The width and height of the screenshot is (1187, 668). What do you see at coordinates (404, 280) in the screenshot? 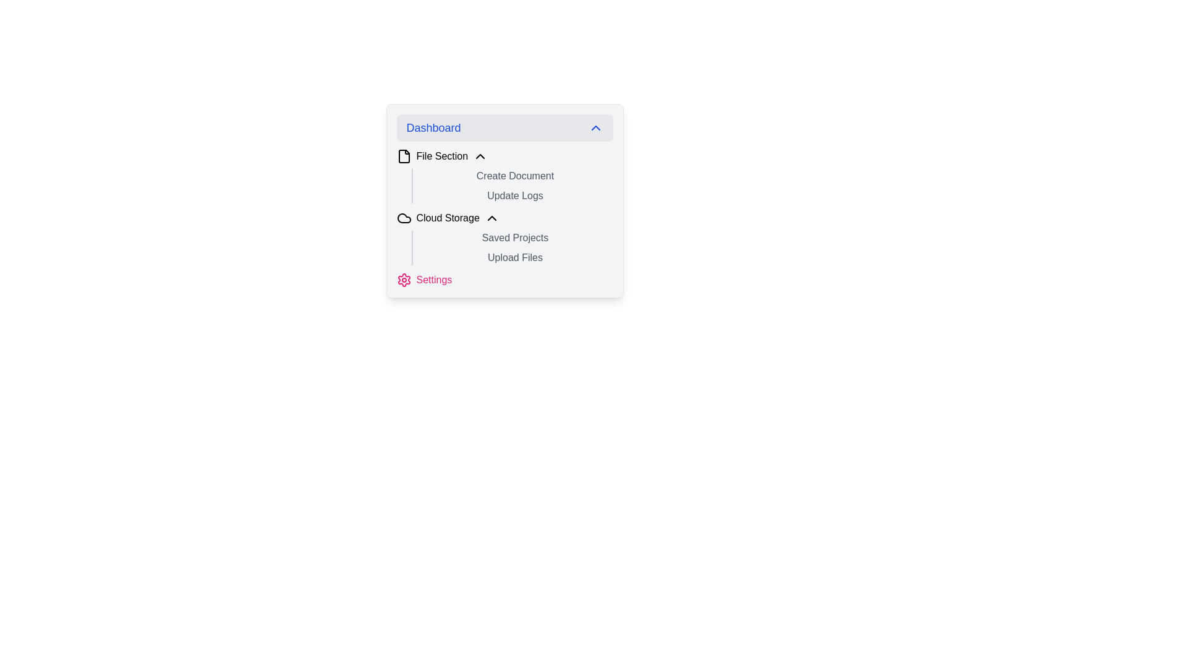
I see `the settings icon button located below the 'Settings' text` at bounding box center [404, 280].